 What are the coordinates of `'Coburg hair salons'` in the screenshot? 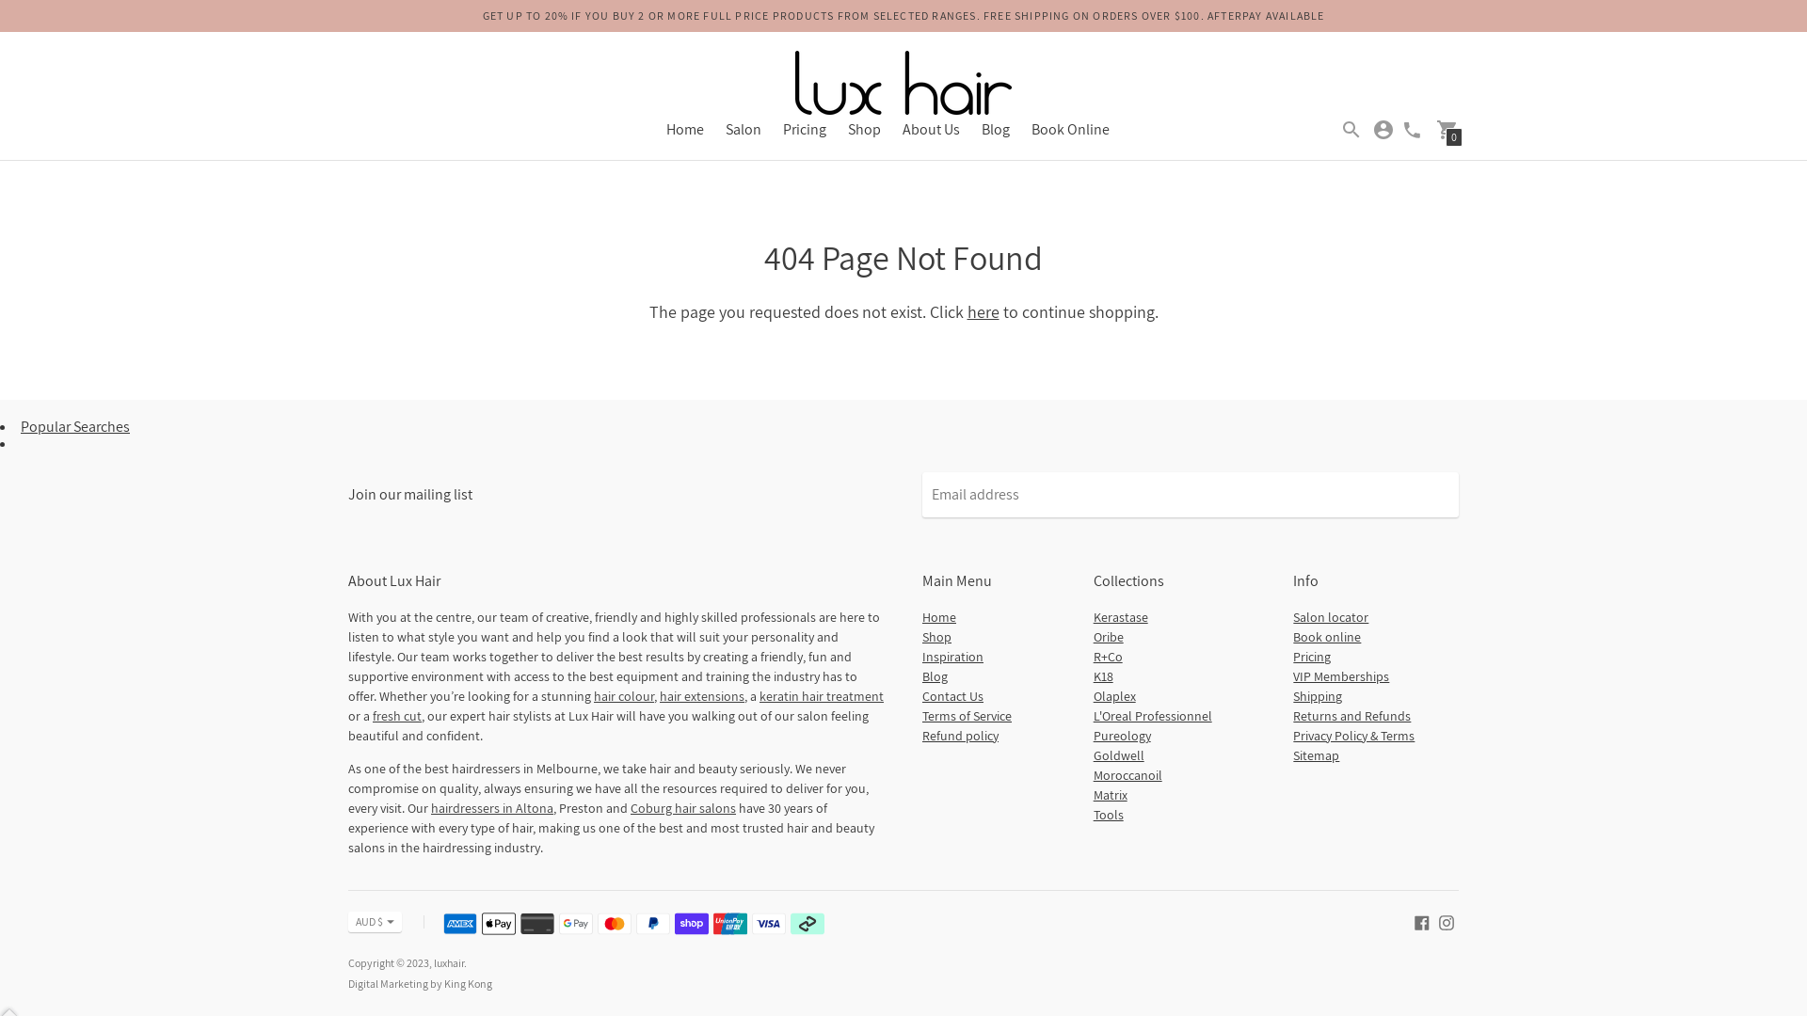 It's located at (681, 807).